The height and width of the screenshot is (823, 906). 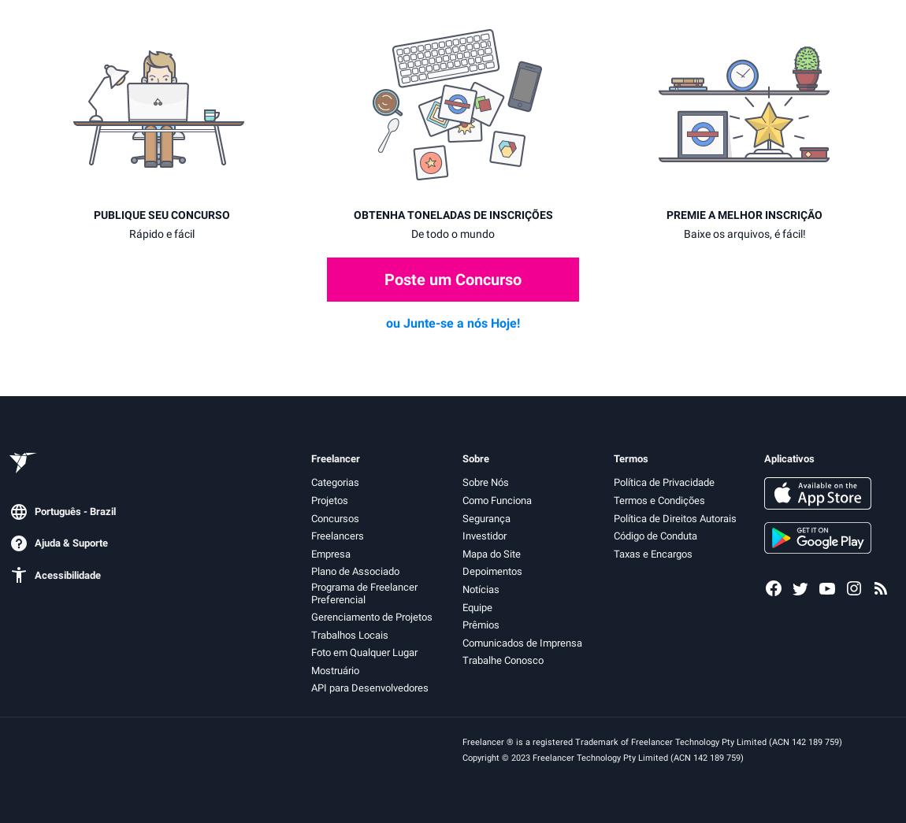 I want to click on 'Trabalhe Conosco', so click(x=501, y=659).